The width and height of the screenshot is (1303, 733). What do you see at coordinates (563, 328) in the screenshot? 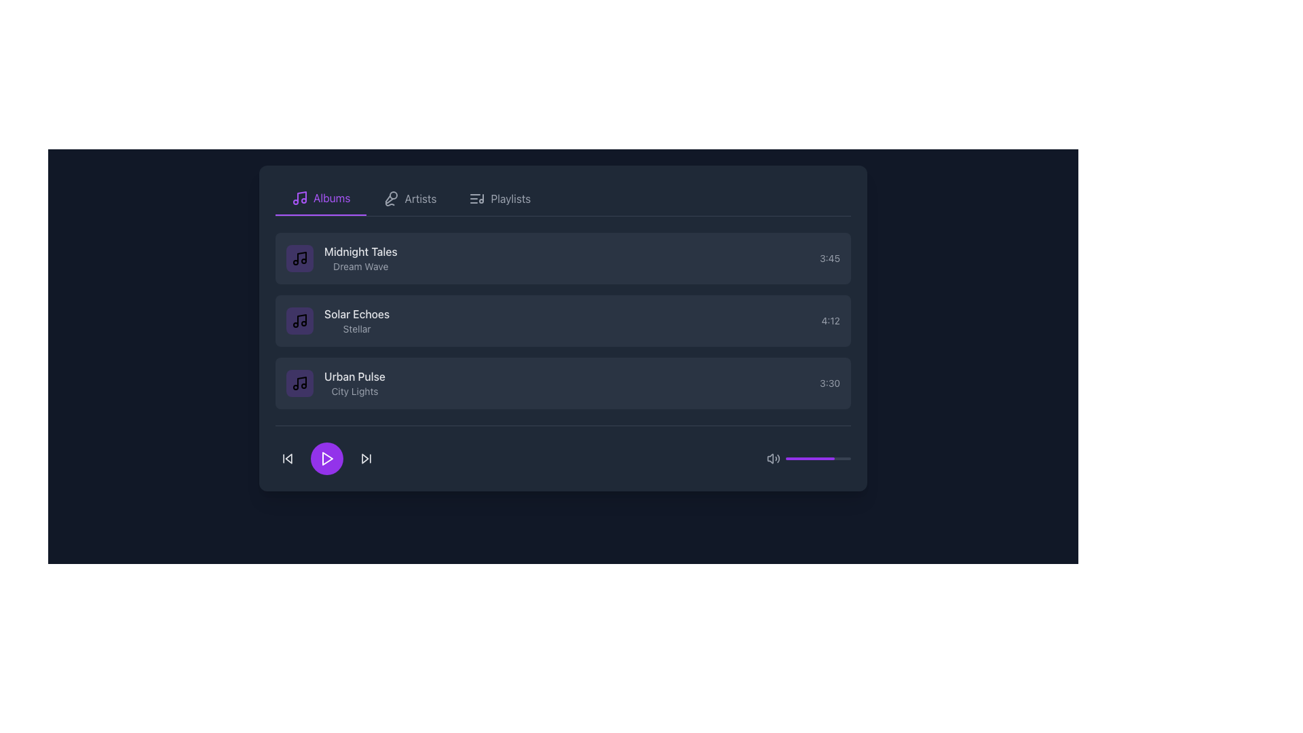
I see `a row in the album or playlist list view` at bounding box center [563, 328].